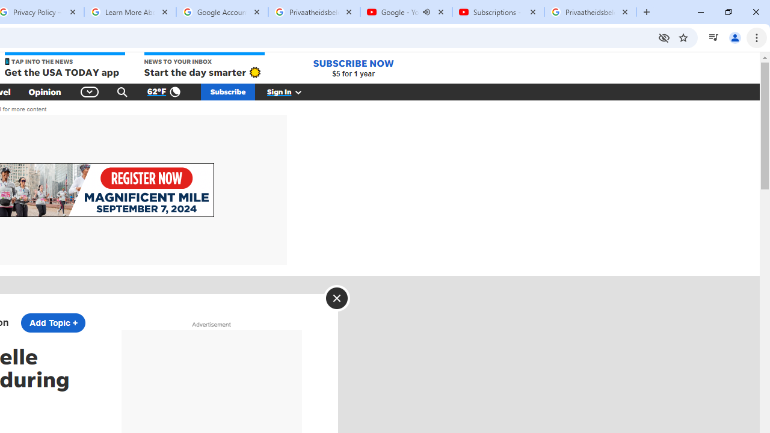 The height and width of the screenshot is (433, 770). I want to click on 'Subscribe', so click(228, 91).